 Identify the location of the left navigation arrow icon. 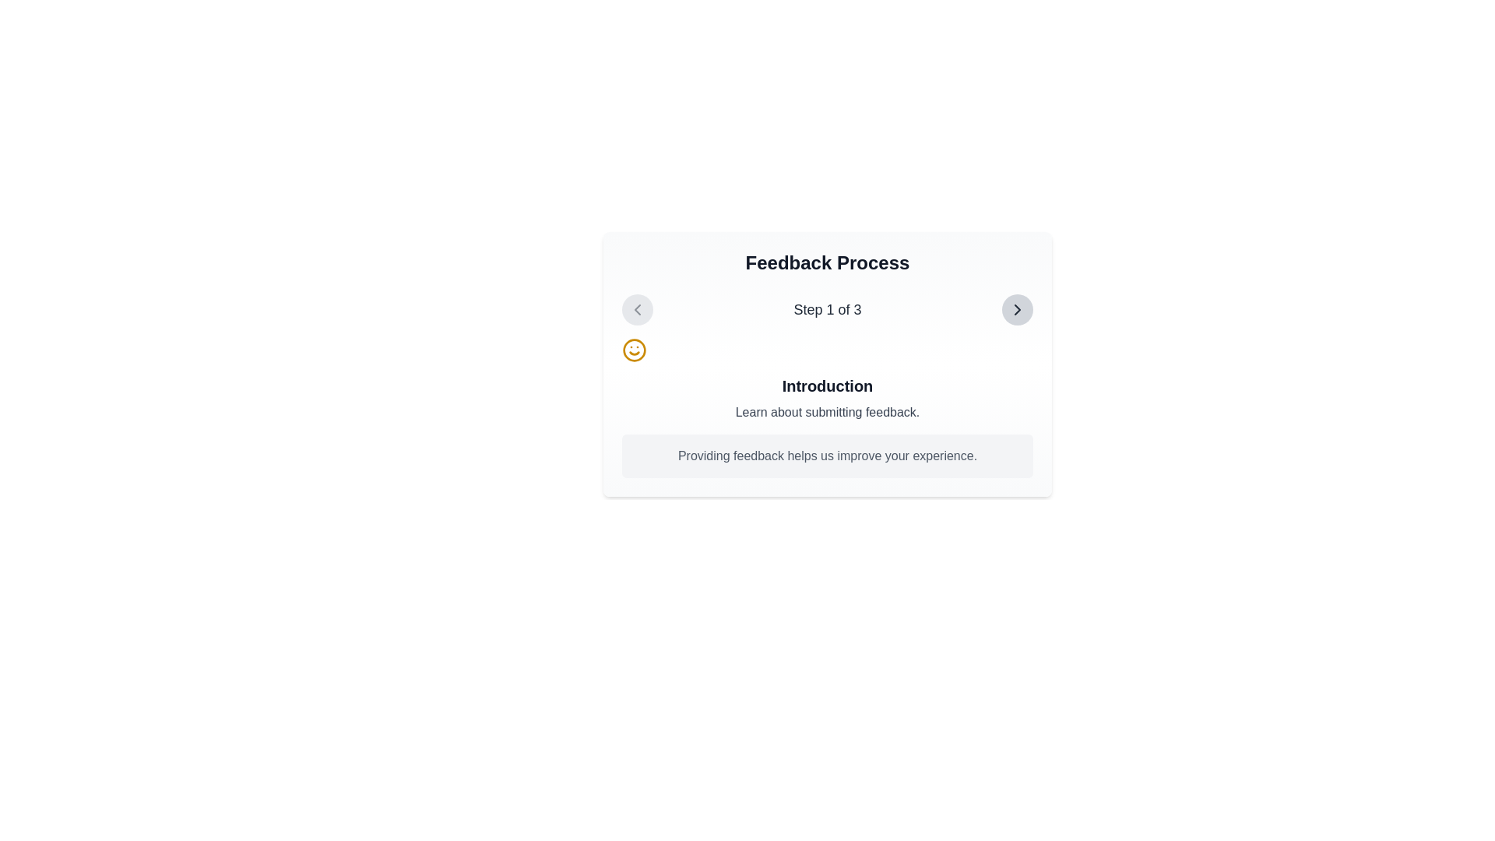
(638, 309).